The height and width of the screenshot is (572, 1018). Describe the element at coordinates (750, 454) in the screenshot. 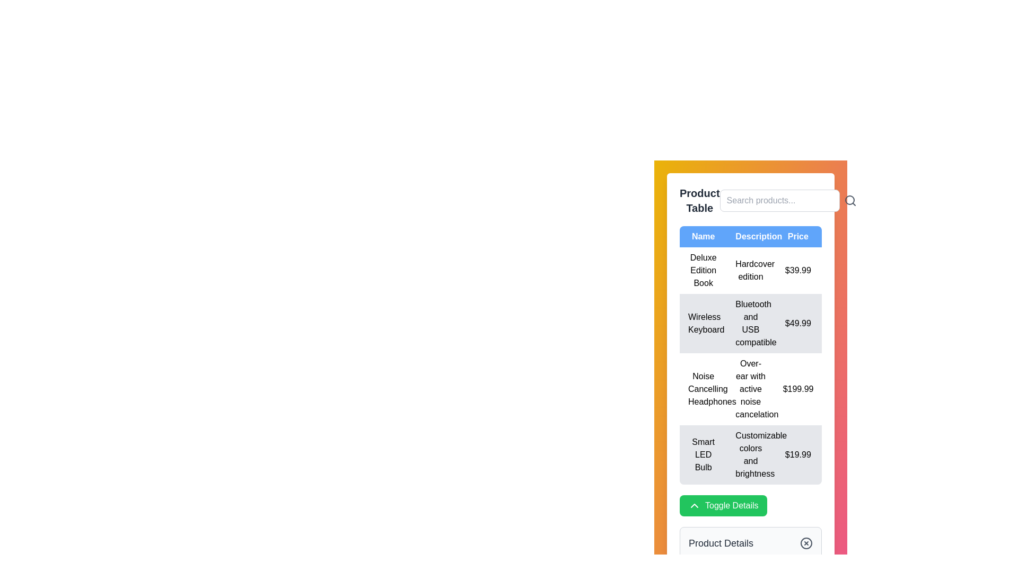

I see `the fourth table row presenting product information for 'Smart LED Bulb'` at that location.